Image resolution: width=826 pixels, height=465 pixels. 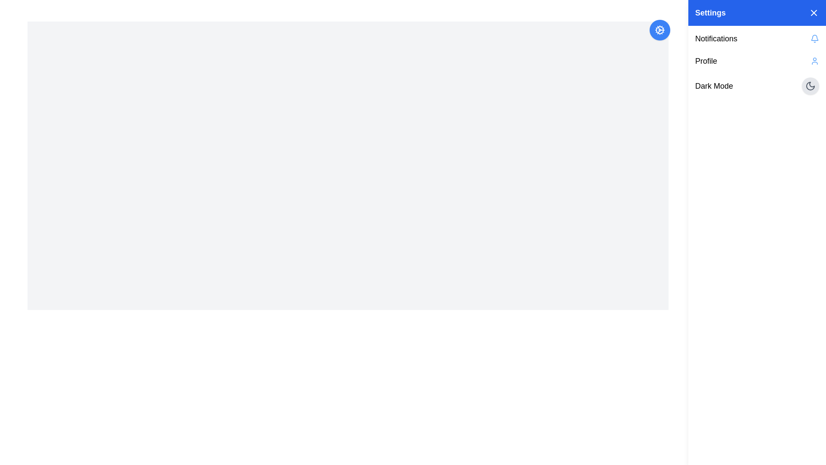 What do you see at coordinates (714, 86) in the screenshot?
I see `the 'Dark Mode' text label in the settings menu, which is styled in medium-large black font against a white background, located to the left of an interactive circular button` at bounding box center [714, 86].